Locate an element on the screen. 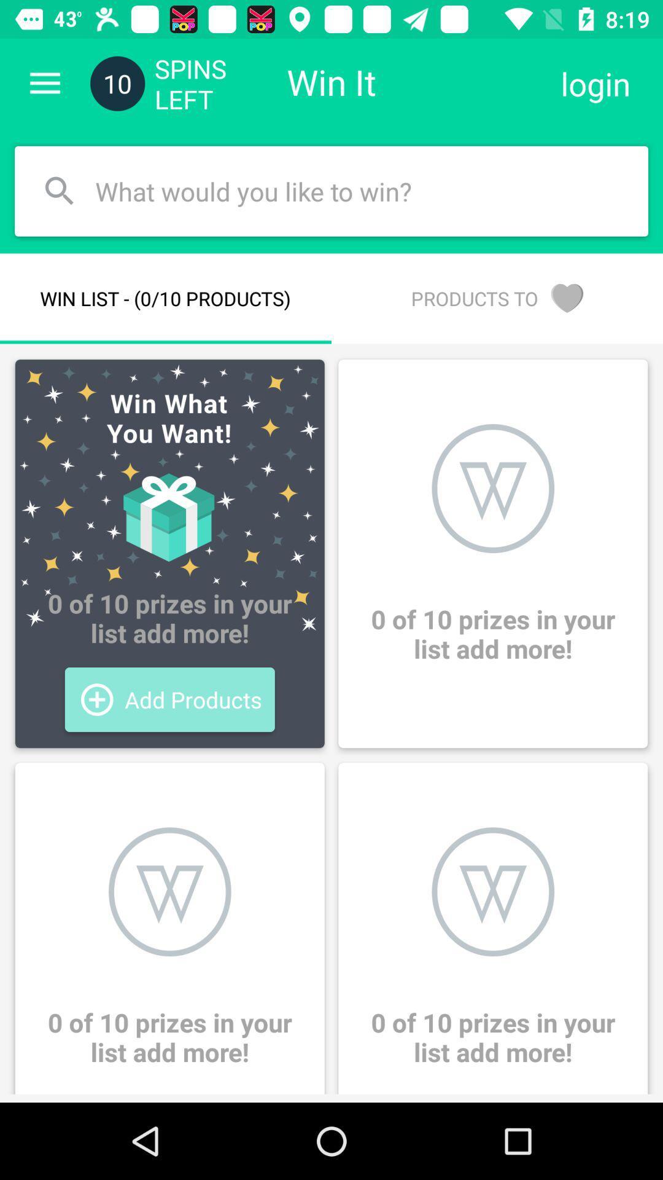  the icon to the left of the 10 is located at coordinates (44, 83).